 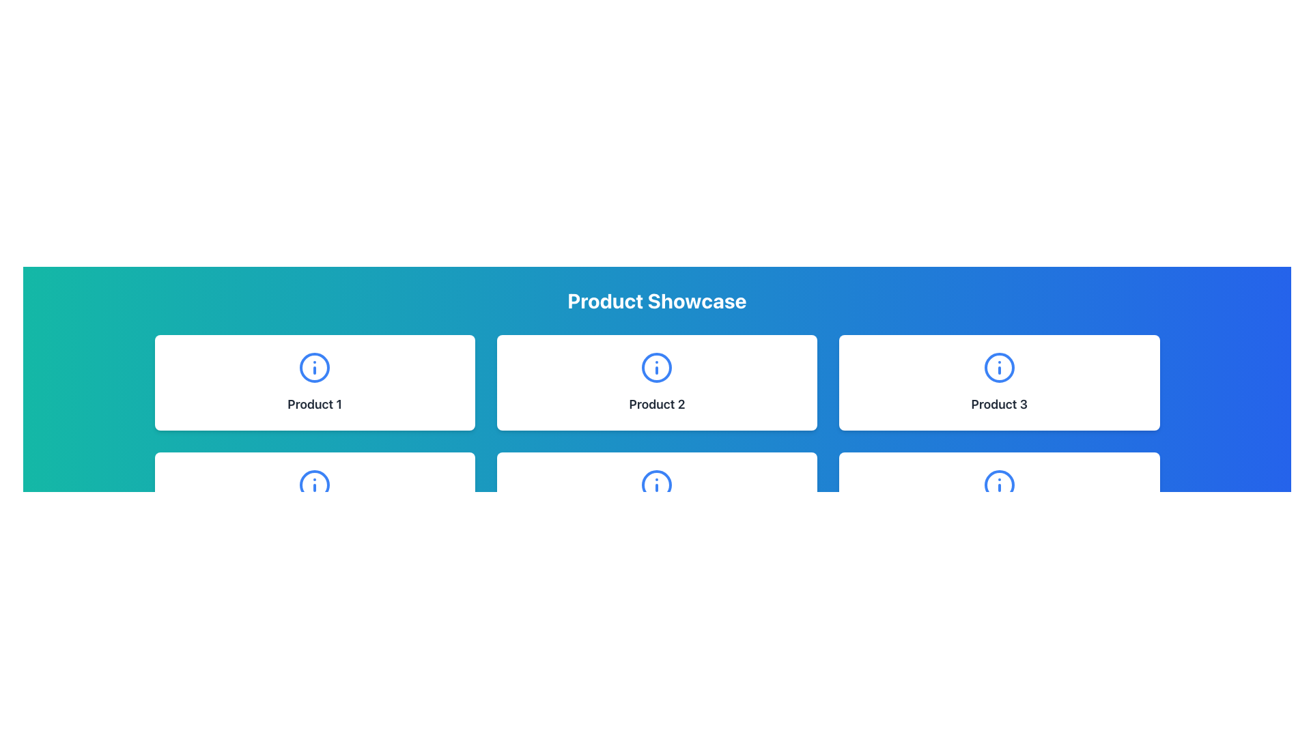 What do you see at coordinates (657, 300) in the screenshot?
I see `the centered title text 'Product Showcase', which is prominently displayed in a bold and large white font against a gradient background` at bounding box center [657, 300].